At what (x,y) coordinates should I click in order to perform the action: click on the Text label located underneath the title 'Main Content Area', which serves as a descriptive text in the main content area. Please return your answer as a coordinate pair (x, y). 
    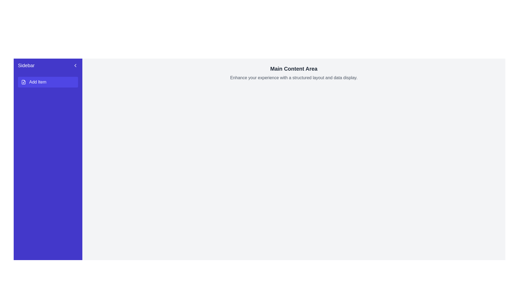
    Looking at the image, I should click on (293, 78).